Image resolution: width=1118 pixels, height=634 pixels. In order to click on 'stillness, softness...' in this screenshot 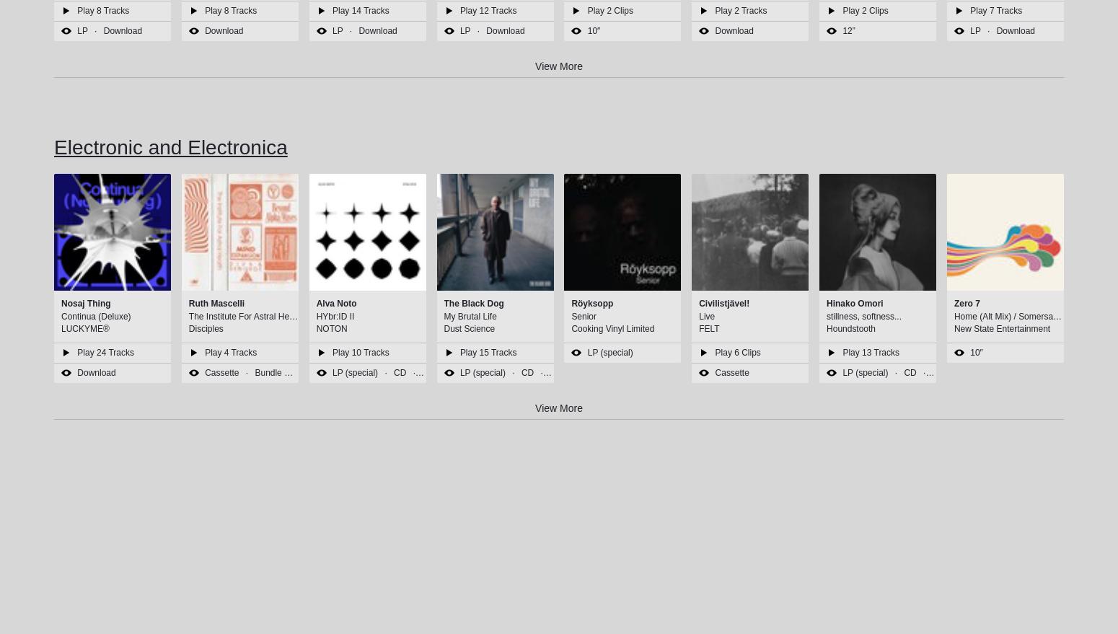, I will do `click(863, 315)`.